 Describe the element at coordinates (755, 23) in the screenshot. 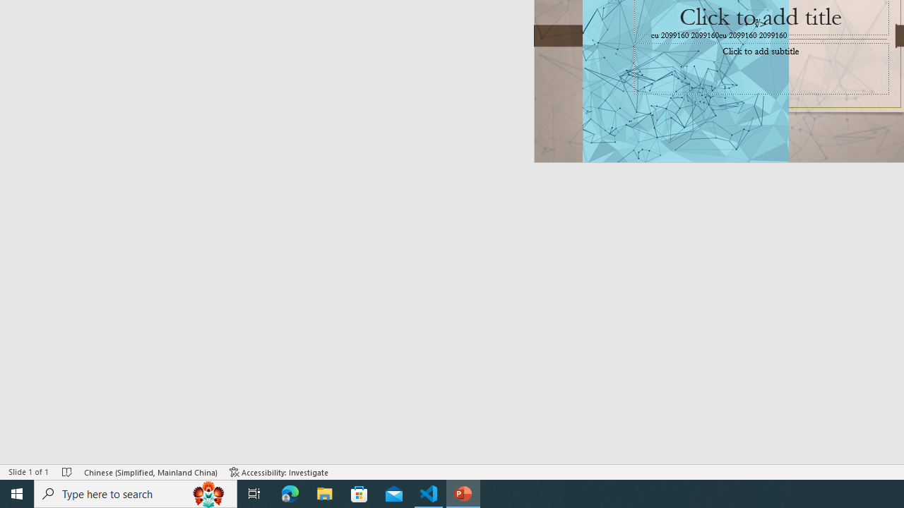

I see `'TextBox 7'` at that location.